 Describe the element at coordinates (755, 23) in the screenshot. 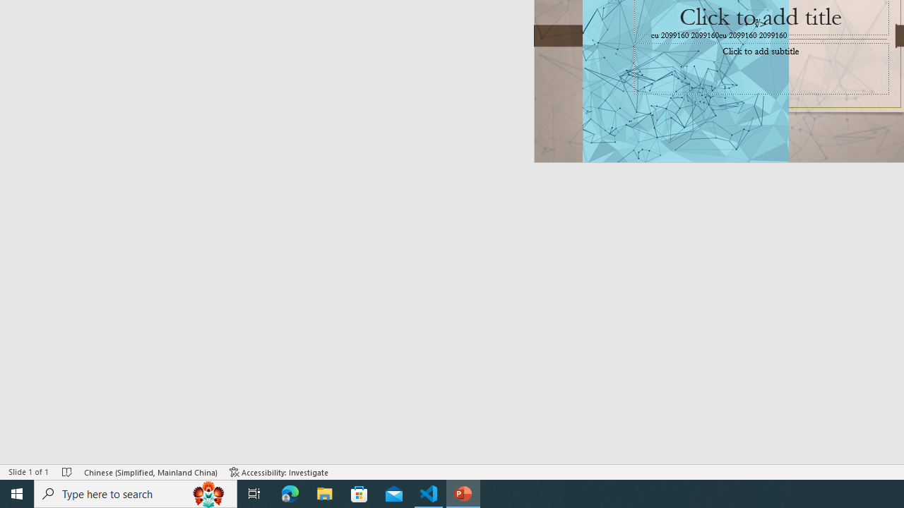

I see `'TextBox 7'` at that location.